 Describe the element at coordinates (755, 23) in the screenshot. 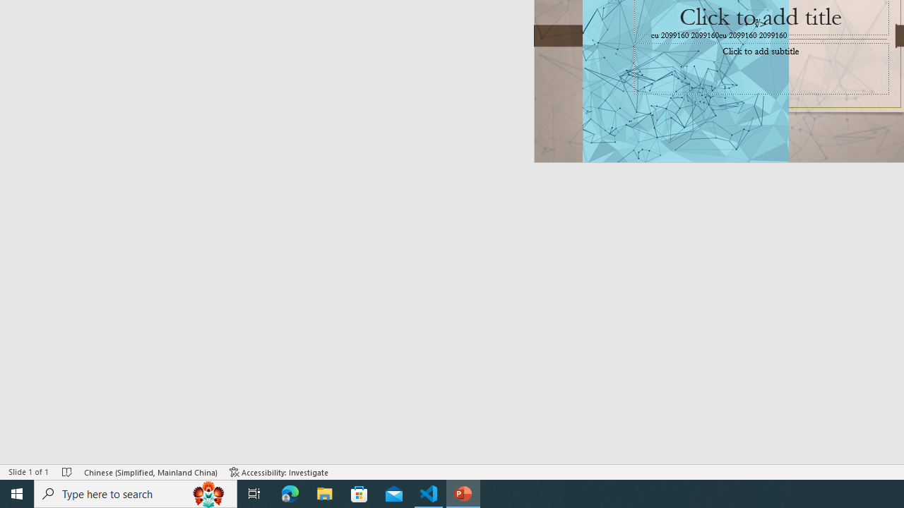

I see `'TextBox 7'` at that location.